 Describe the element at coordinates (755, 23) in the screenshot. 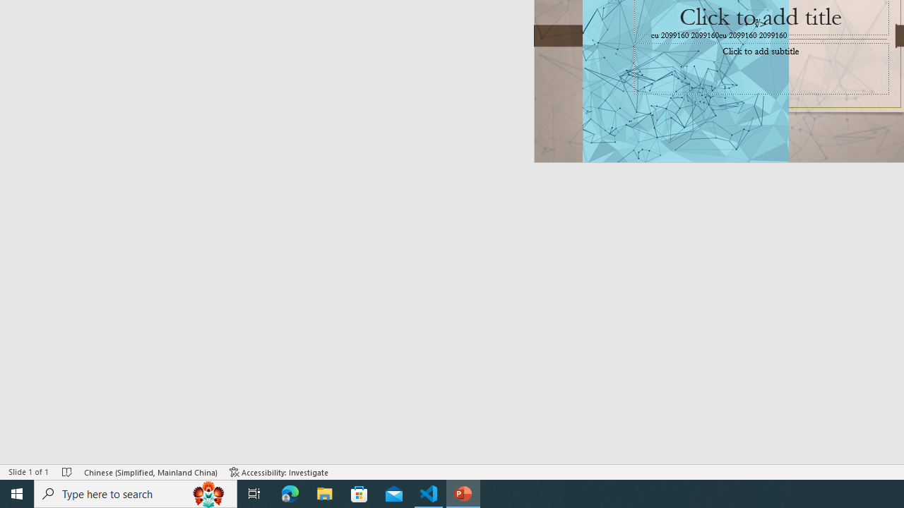

I see `'TextBox 7'` at that location.